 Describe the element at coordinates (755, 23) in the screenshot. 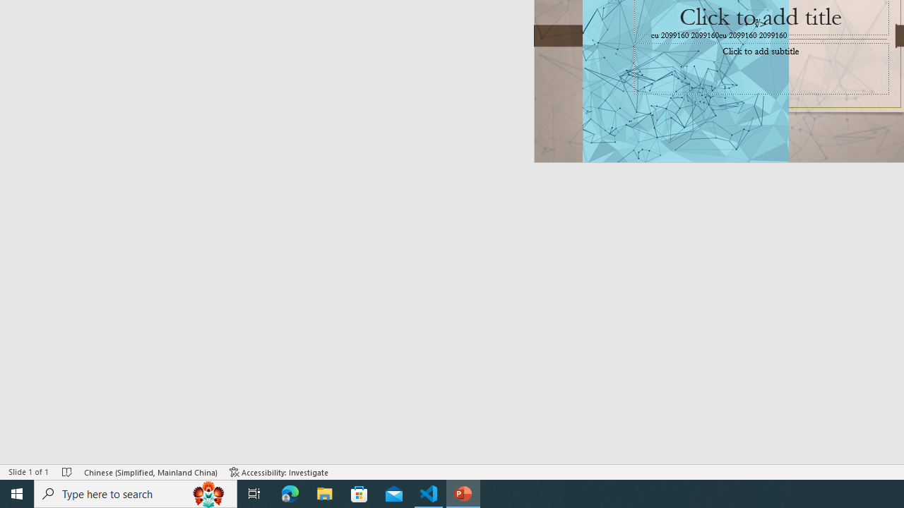

I see `'TextBox 7'` at that location.